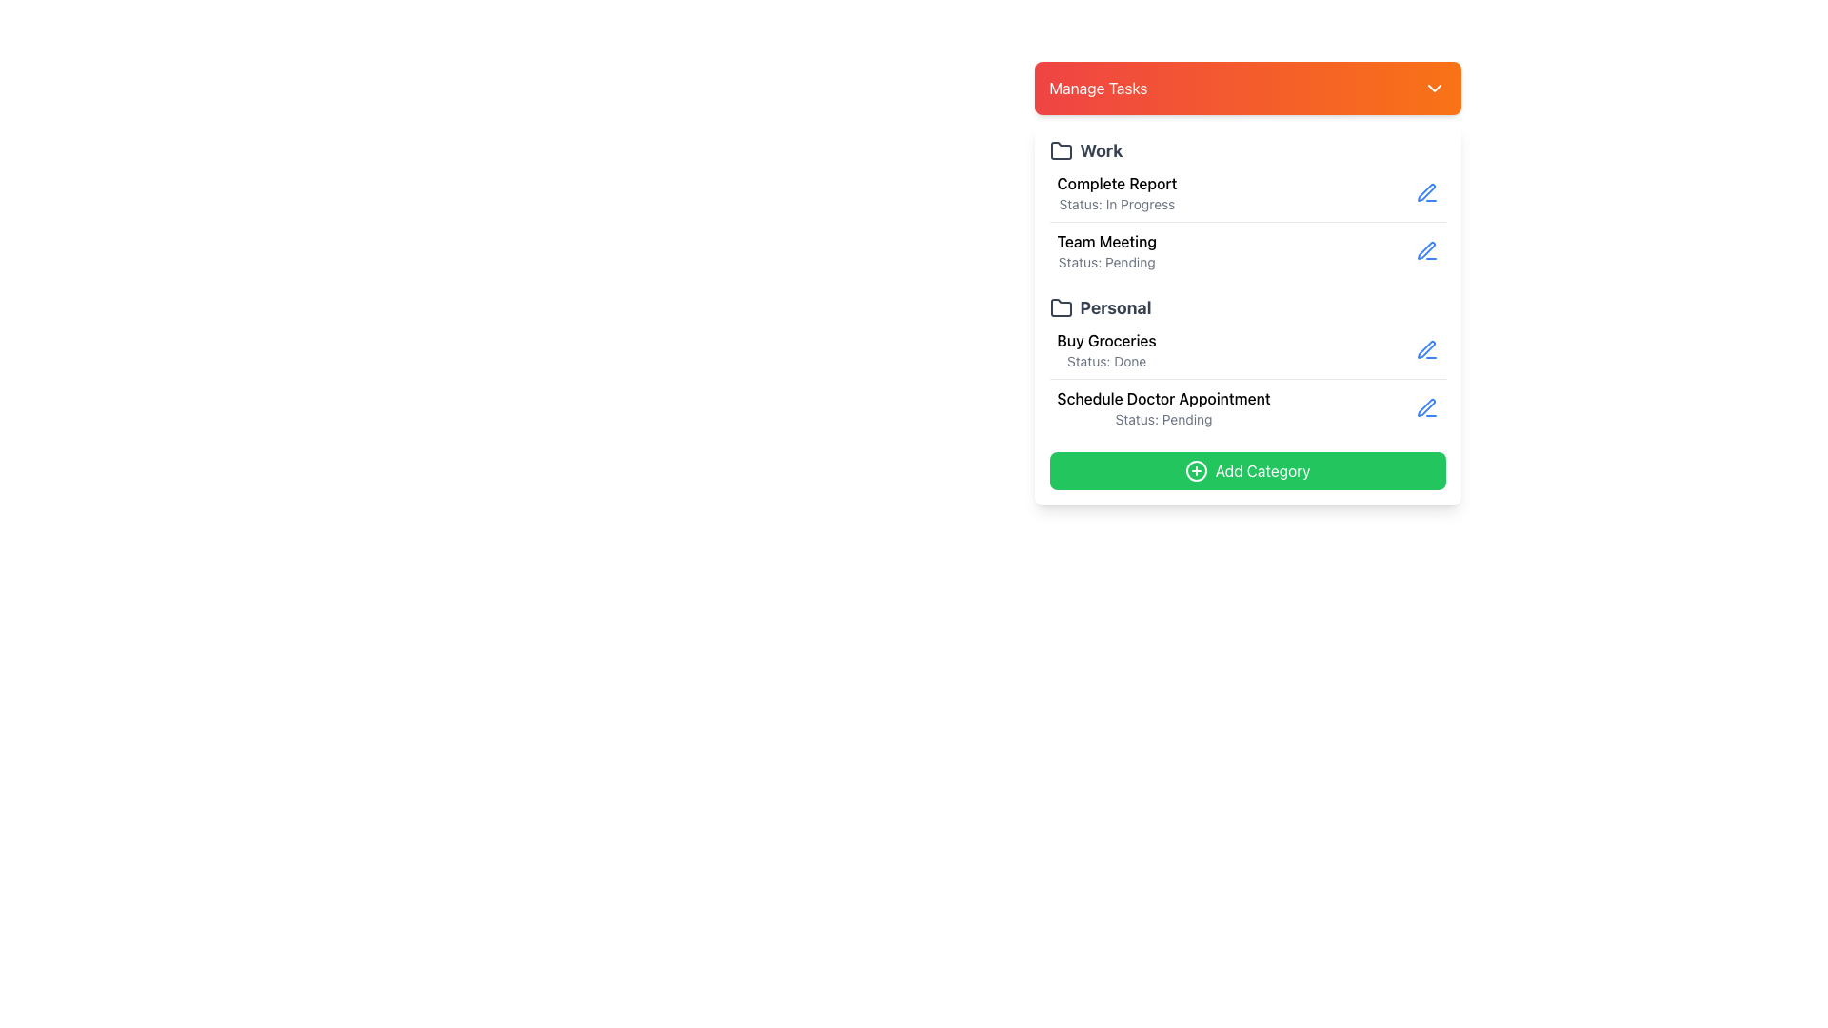 The height and width of the screenshot is (1028, 1828). Describe the element at coordinates (1195, 470) in the screenshot. I see `the central circle of the plus icon within the green 'Add Category' button at the bottom of the task manager card` at that location.